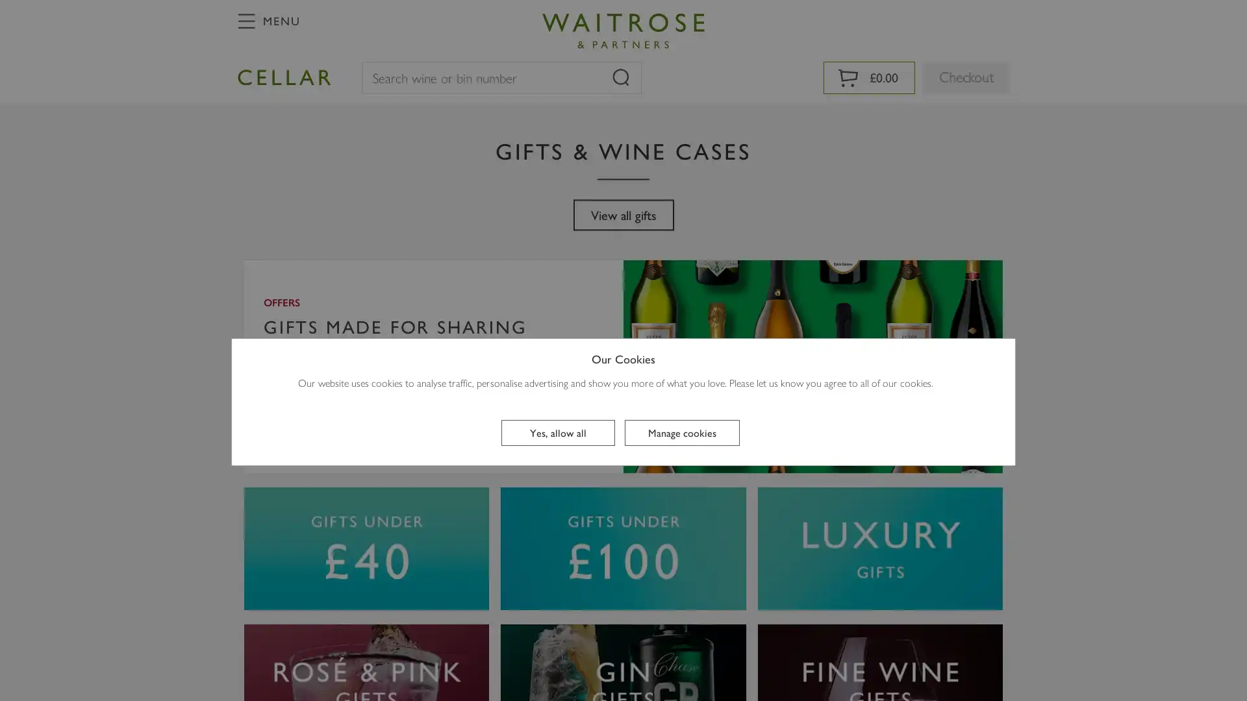 This screenshot has height=701, width=1247. What do you see at coordinates (624, 570) in the screenshot?
I see `Accept selected` at bounding box center [624, 570].